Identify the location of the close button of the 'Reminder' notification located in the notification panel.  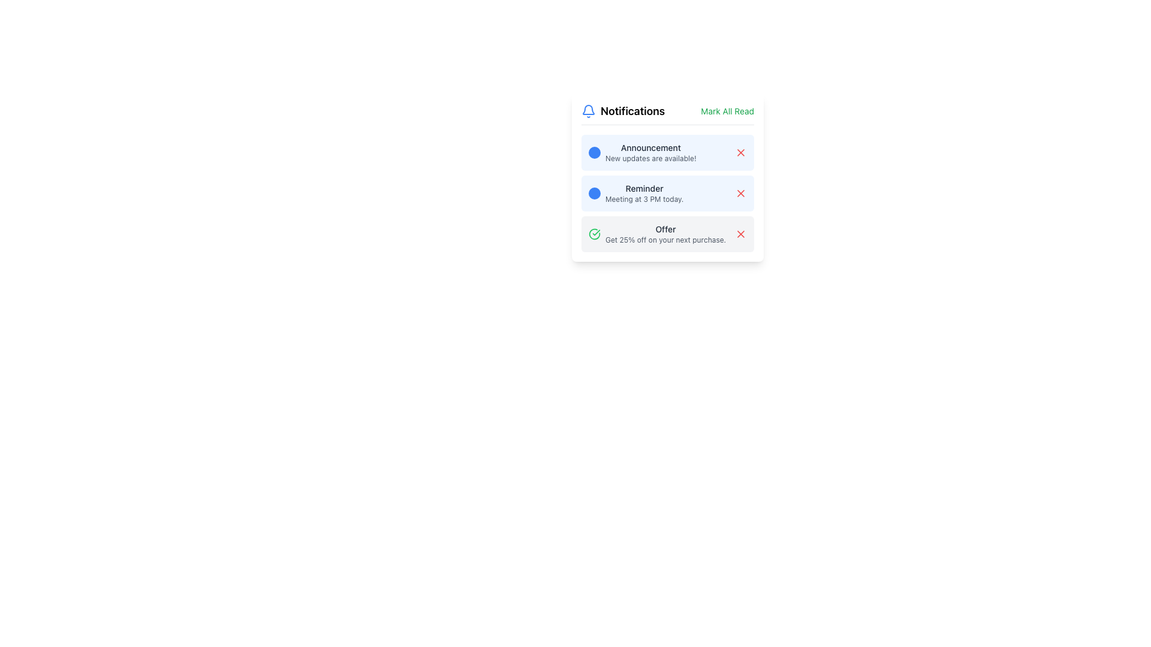
(740, 193).